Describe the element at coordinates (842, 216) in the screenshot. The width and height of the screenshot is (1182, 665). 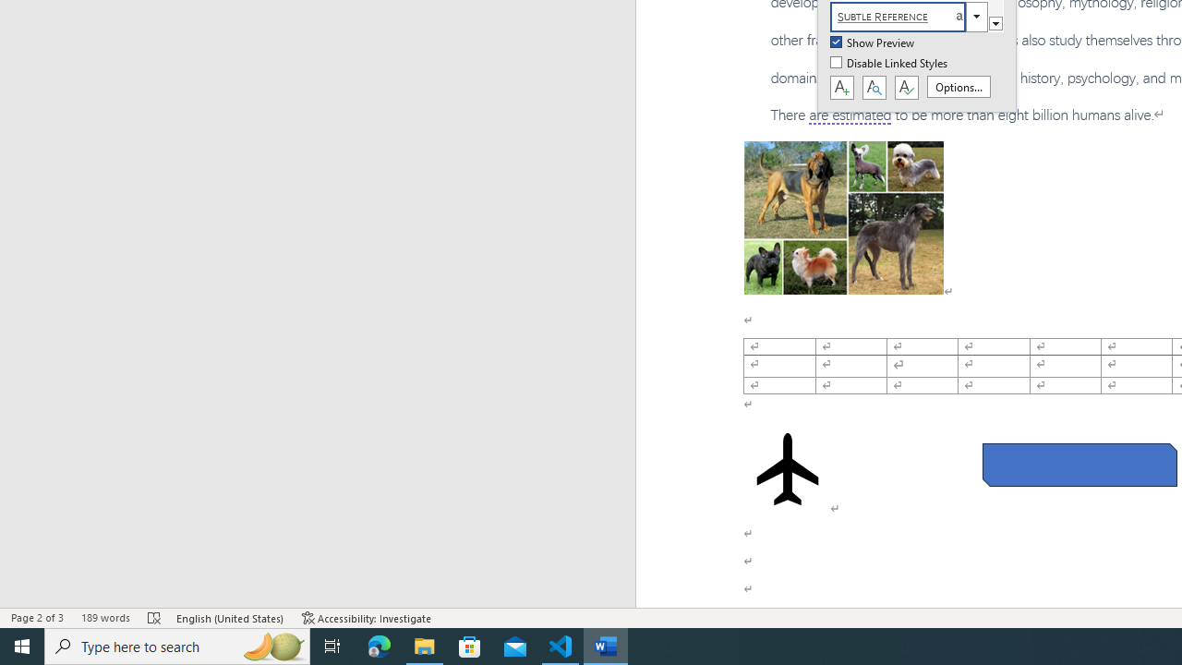
I see `'Morphological variation in six dogs'` at that location.